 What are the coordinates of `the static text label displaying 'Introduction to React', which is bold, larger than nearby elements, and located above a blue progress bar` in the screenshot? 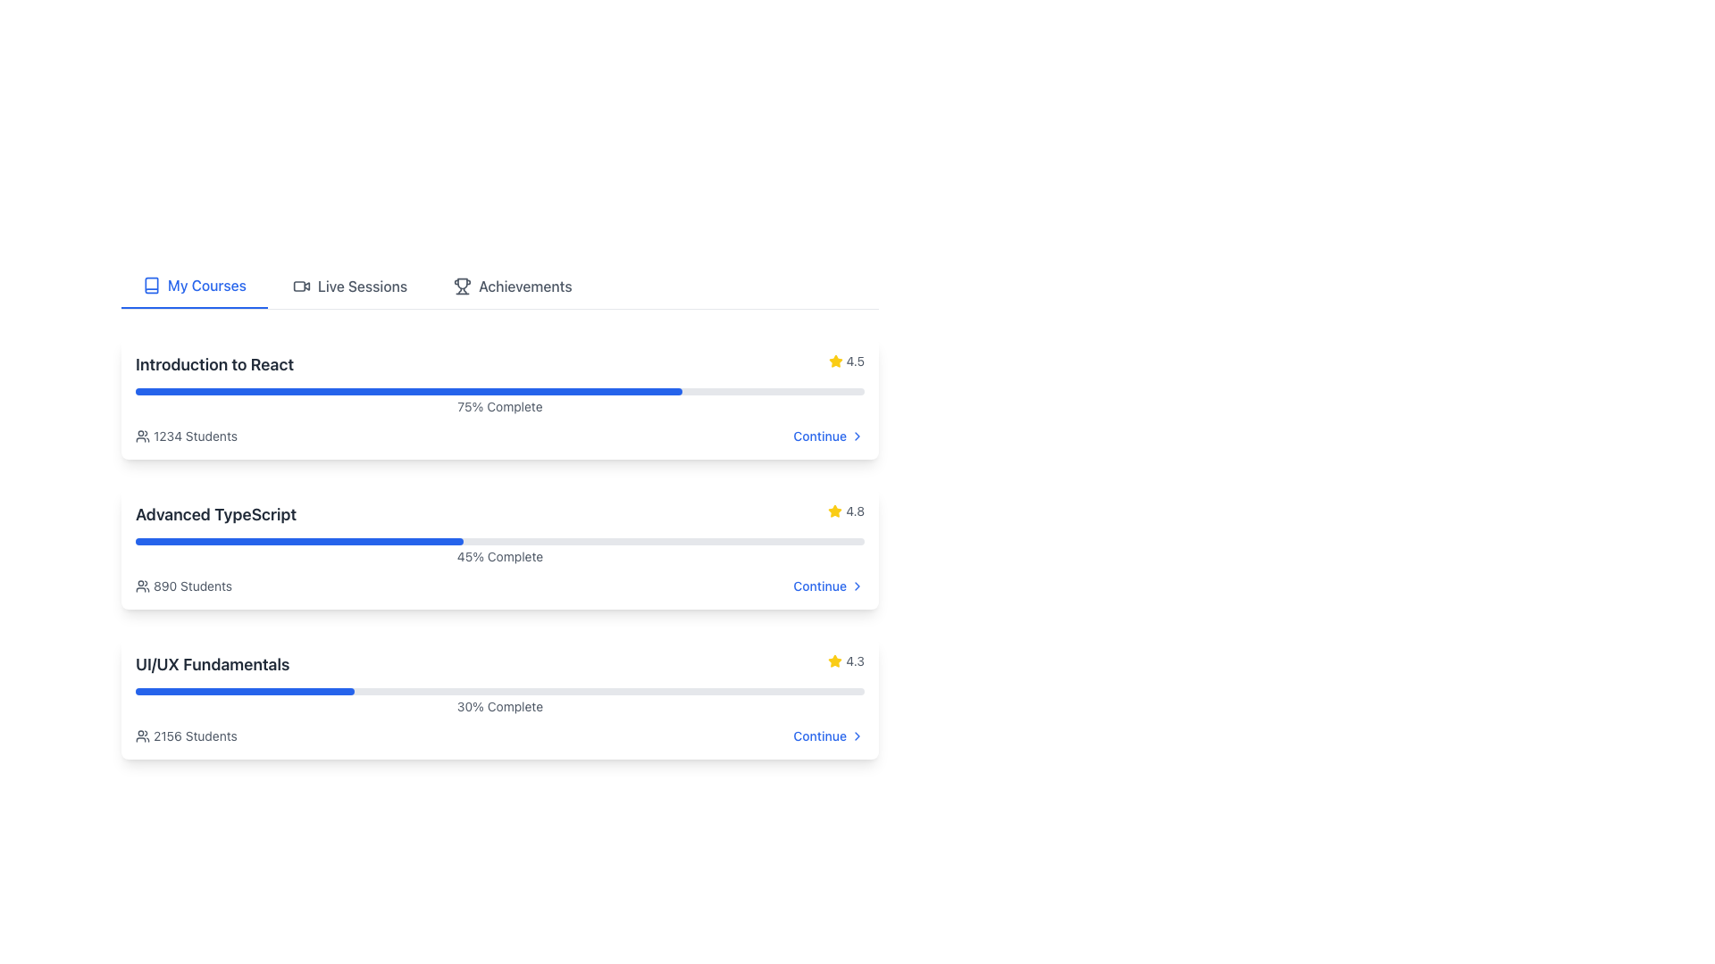 It's located at (214, 363).